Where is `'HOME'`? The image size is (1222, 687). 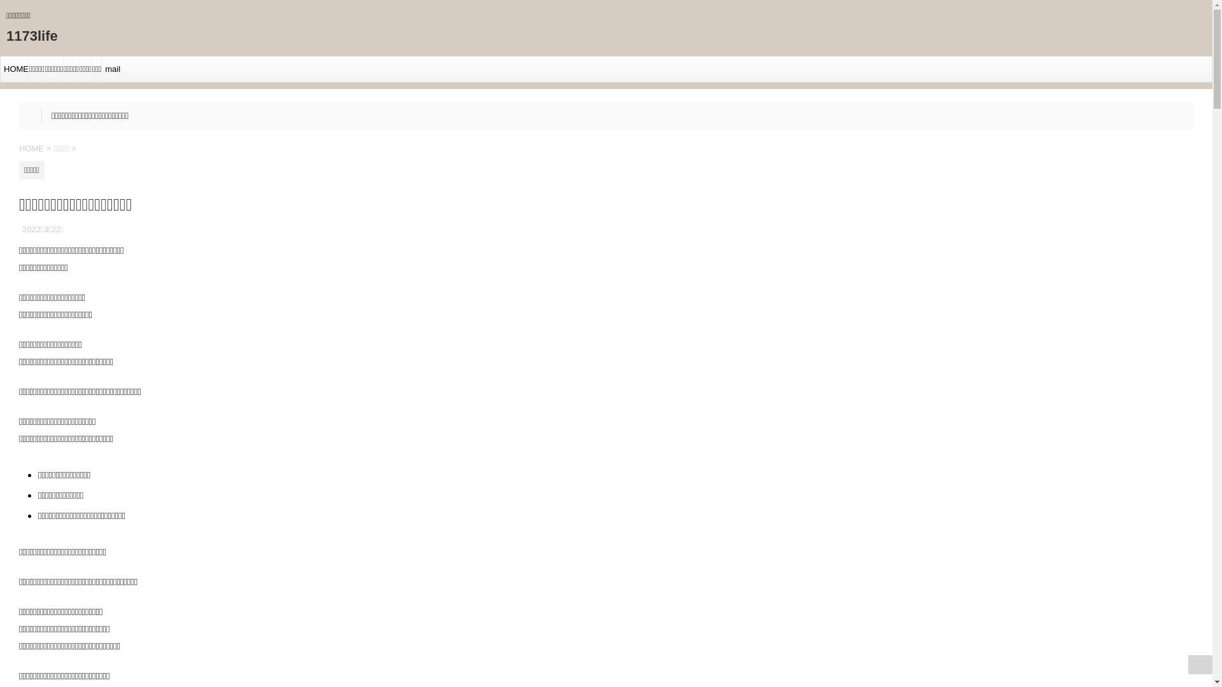
'HOME' is located at coordinates (15, 69).